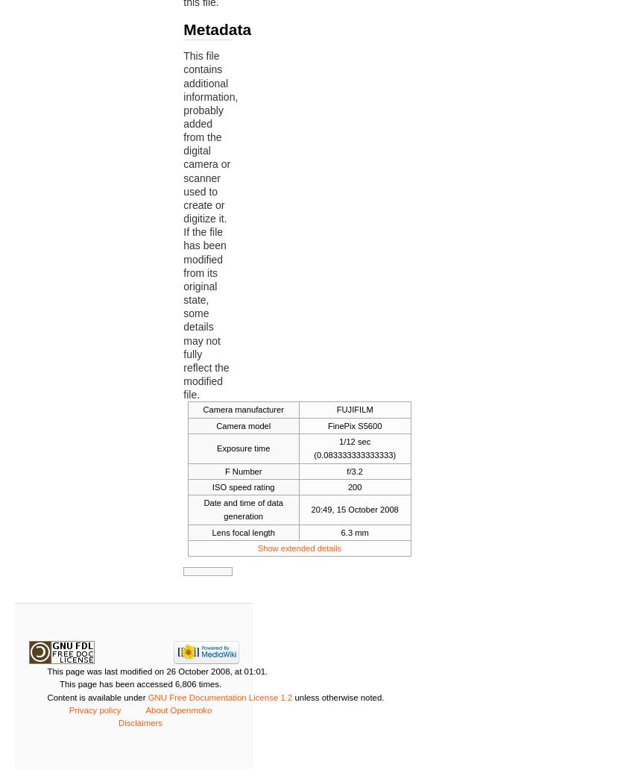  What do you see at coordinates (241, 487) in the screenshot?
I see `'ISO speed rating'` at bounding box center [241, 487].